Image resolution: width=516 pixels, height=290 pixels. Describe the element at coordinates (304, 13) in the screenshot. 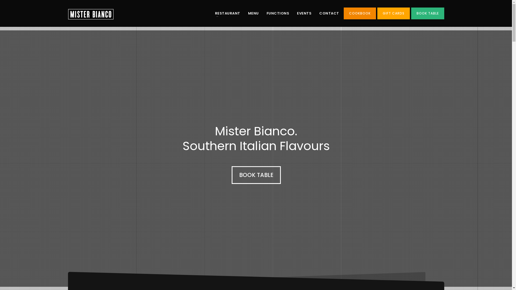

I see `'EVENTS'` at that location.